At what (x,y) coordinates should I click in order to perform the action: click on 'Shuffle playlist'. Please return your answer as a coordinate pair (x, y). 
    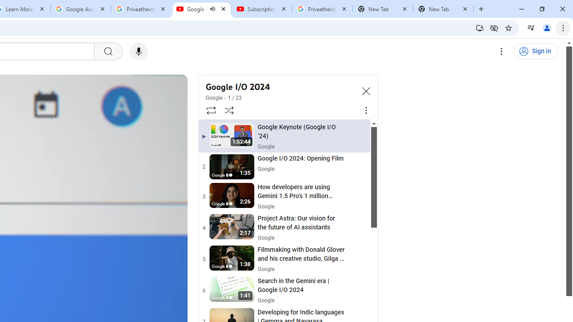
    Looking at the image, I should click on (229, 110).